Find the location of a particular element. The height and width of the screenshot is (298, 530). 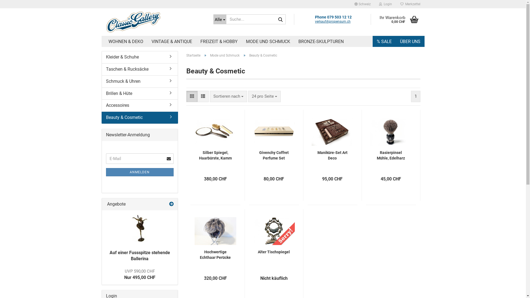

'Startseite' is located at coordinates (193, 55).